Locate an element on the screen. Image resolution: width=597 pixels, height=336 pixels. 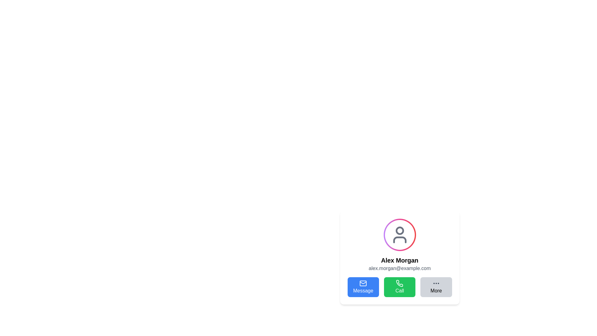
the Profile Avatar Icon located above the text 'Alex Morgan' and the email address 'alex.morgan@example.com' is located at coordinates (400, 235).